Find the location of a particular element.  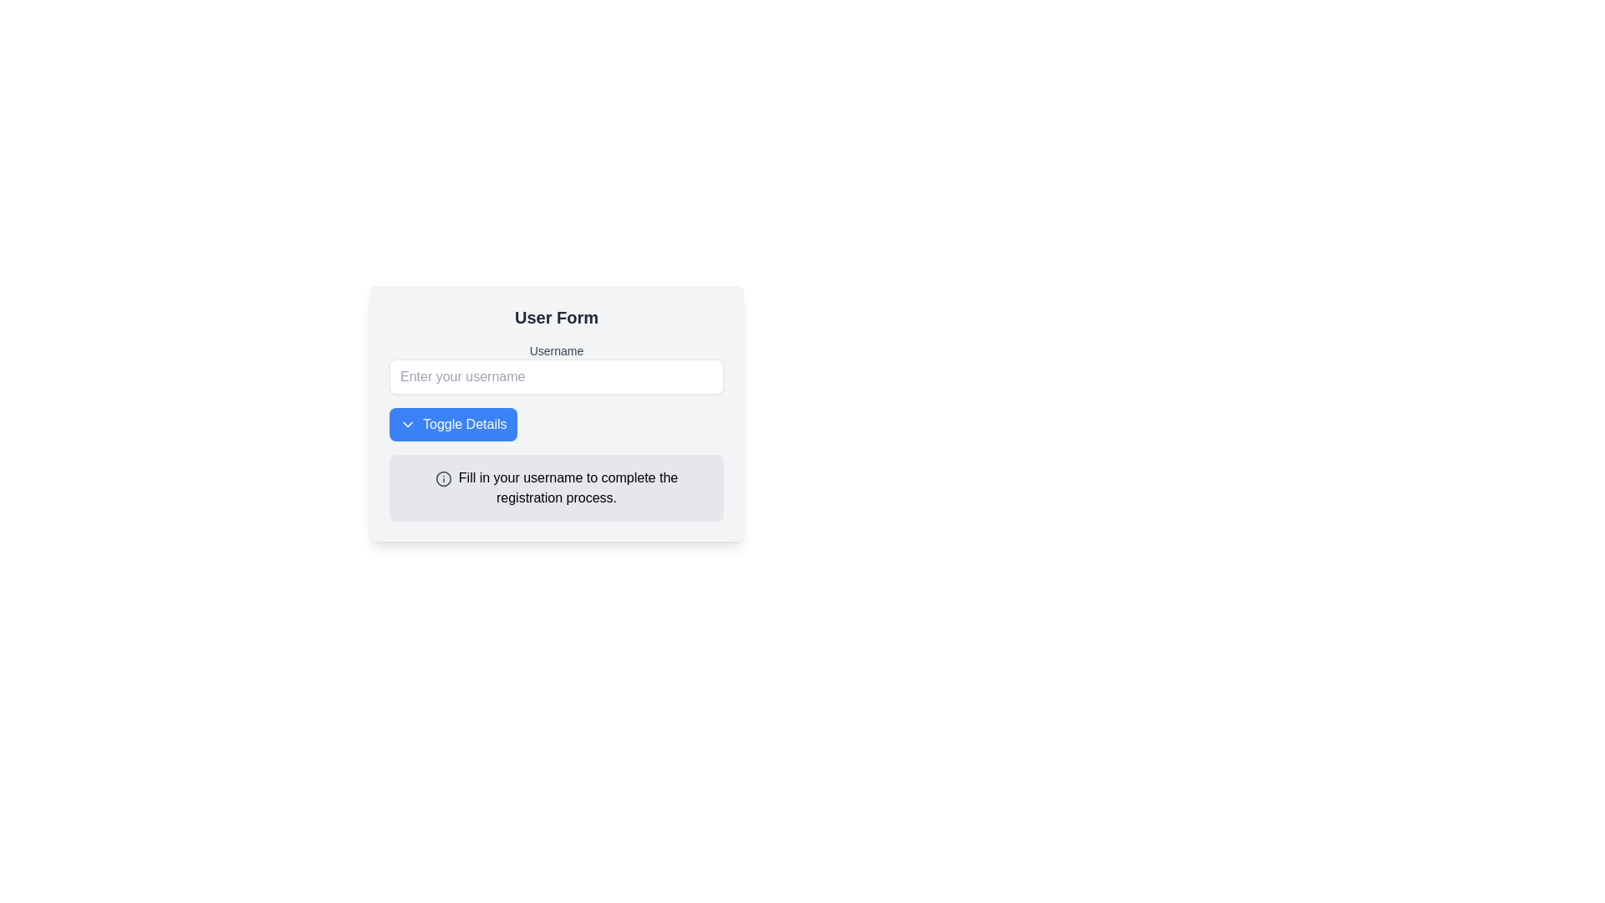

the label indicating the purpose of the adjacent input field for entering a username, which is located under the heading 'User Form' and above the text input field labeled 'Enter your username' is located at coordinates (557, 350).